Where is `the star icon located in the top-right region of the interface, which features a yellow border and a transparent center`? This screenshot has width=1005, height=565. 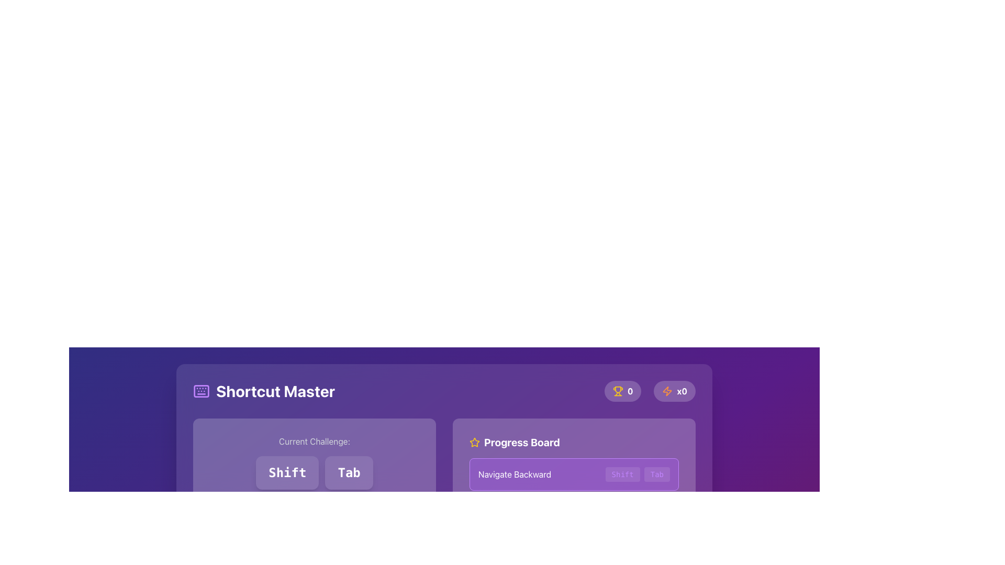 the star icon located in the top-right region of the interface, which features a yellow border and a transparent center is located at coordinates (474, 442).